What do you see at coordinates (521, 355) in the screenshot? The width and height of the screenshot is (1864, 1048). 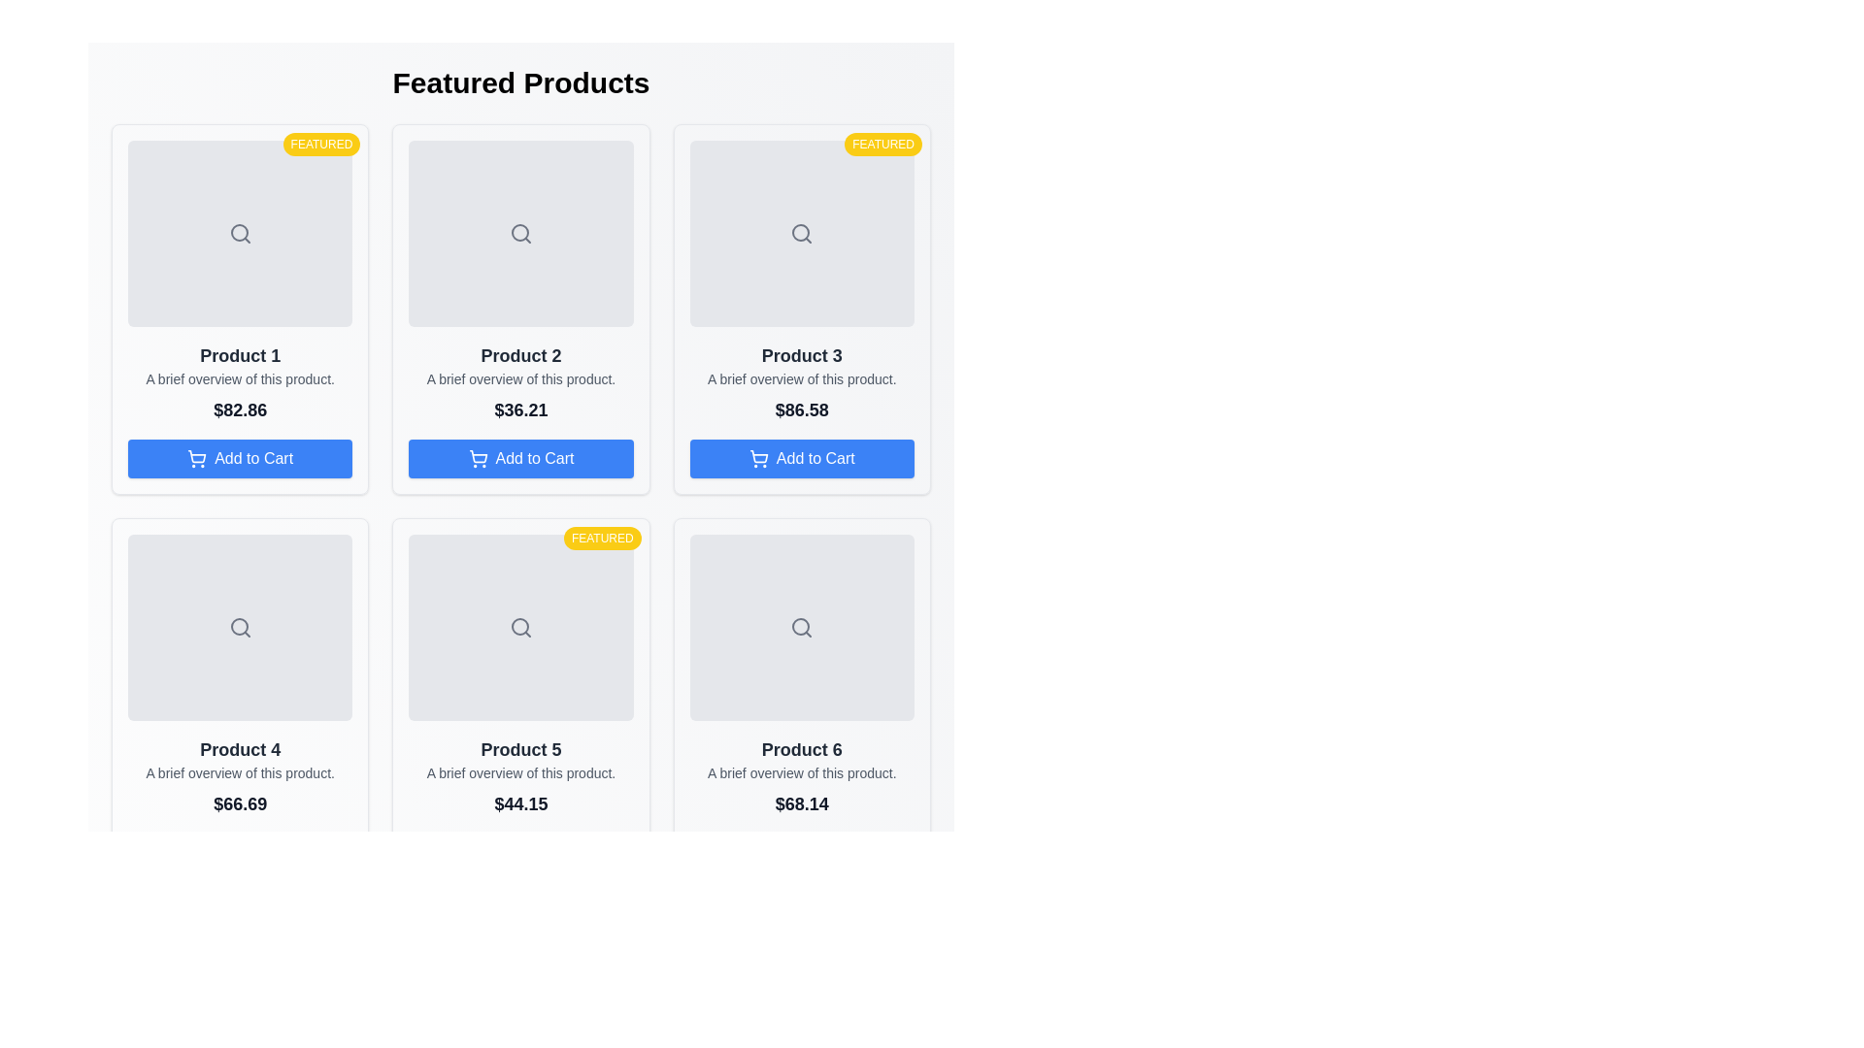 I see `the product name label, which serves as the title for 'Product 2' displayed in the card` at bounding box center [521, 355].